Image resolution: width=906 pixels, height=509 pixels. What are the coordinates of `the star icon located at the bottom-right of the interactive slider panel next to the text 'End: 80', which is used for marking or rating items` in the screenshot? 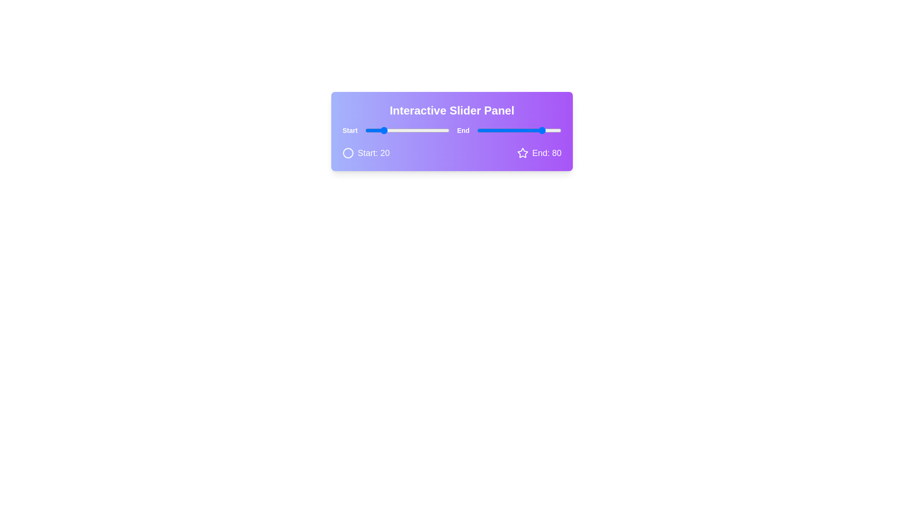 It's located at (522, 152).